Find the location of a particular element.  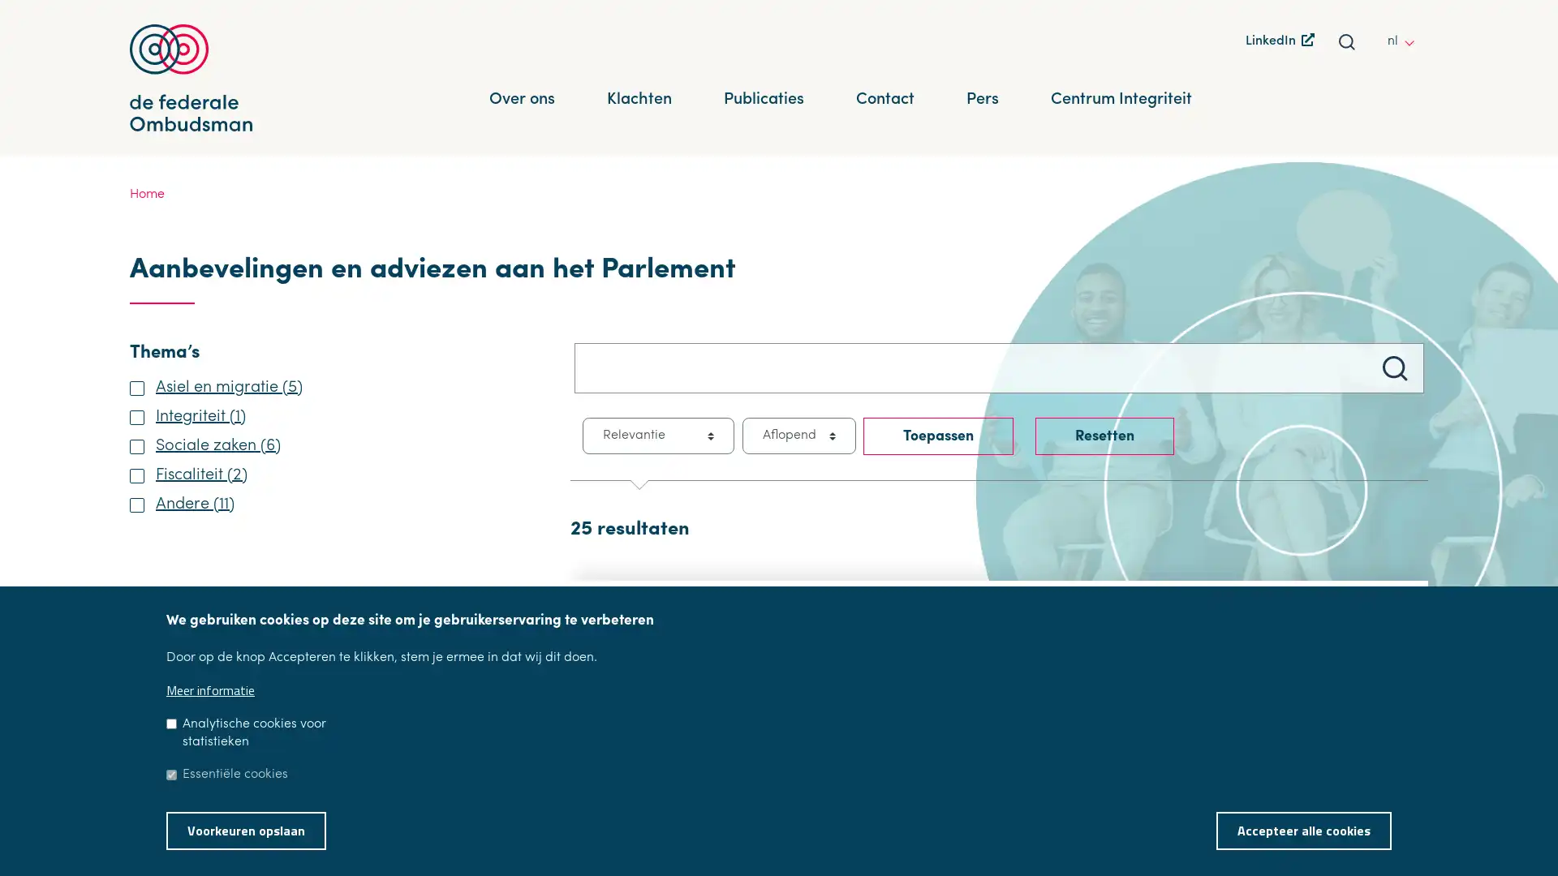

Toestemming intrekken is located at coordinates (1412, 819).